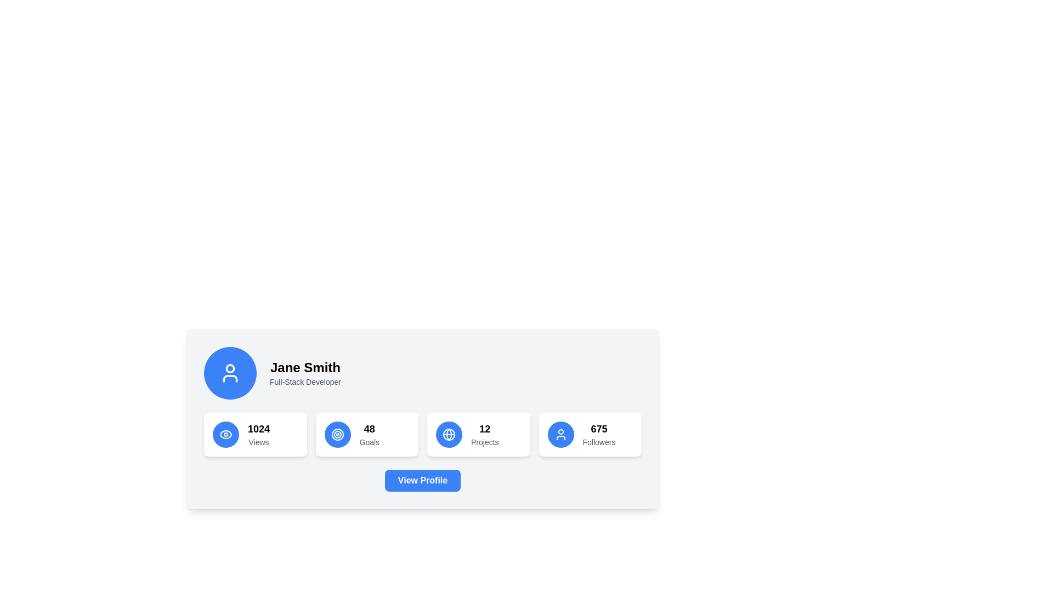 Image resolution: width=1053 pixels, height=592 pixels. Describe the element at coordinates (484, 434) in the screenshot. I see `text displayed in the central textual information display that shows a count of 12, indicating the number of projects in the statistics section of the interface` at that location.